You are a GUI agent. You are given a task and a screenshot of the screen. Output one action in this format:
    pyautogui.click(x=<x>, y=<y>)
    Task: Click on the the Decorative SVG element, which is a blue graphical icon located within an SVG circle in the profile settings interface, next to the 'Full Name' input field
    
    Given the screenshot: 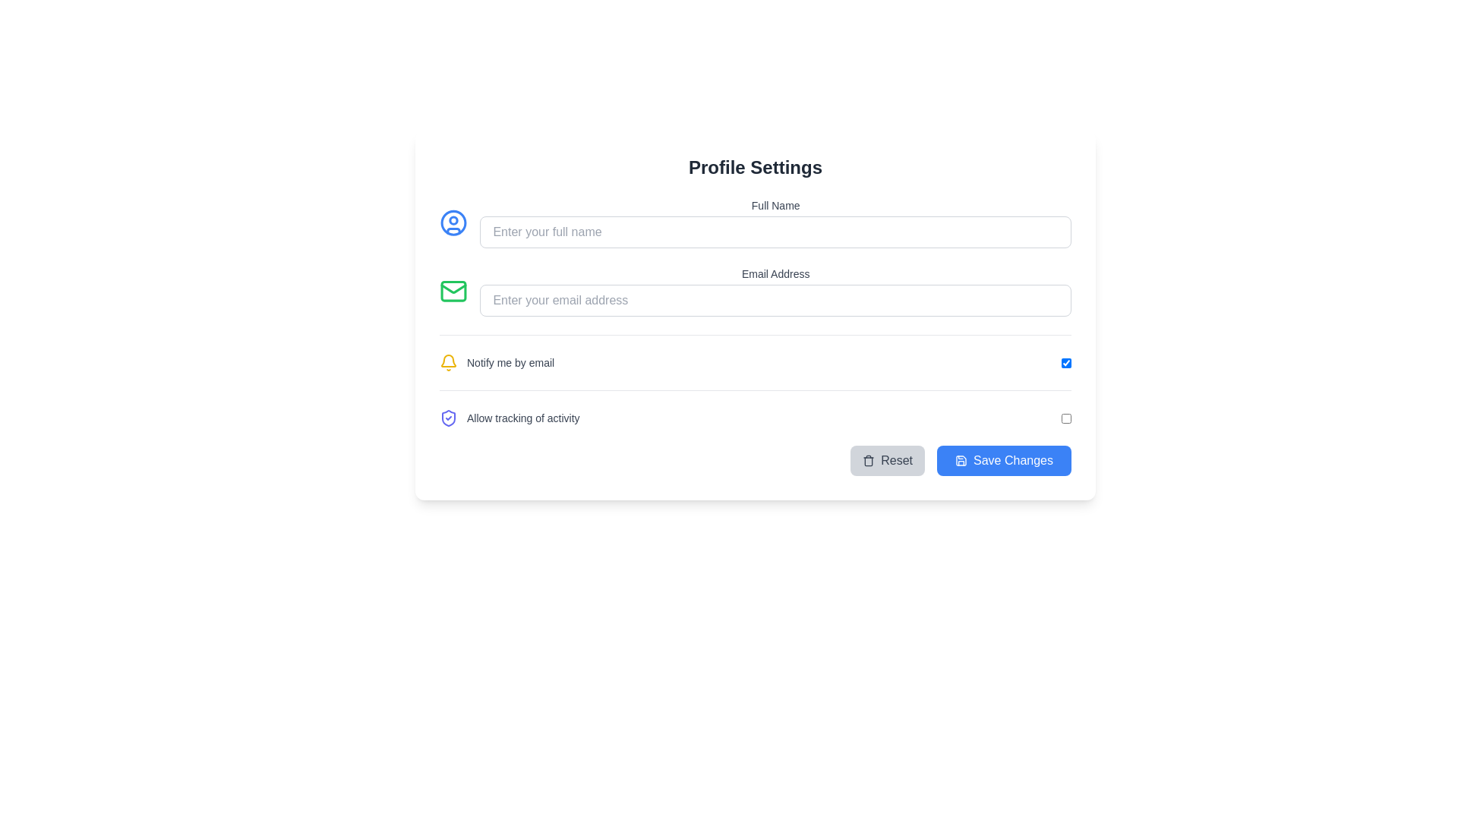 What is the action you would take?
    pyautogui.click(x=453, y=231)
    